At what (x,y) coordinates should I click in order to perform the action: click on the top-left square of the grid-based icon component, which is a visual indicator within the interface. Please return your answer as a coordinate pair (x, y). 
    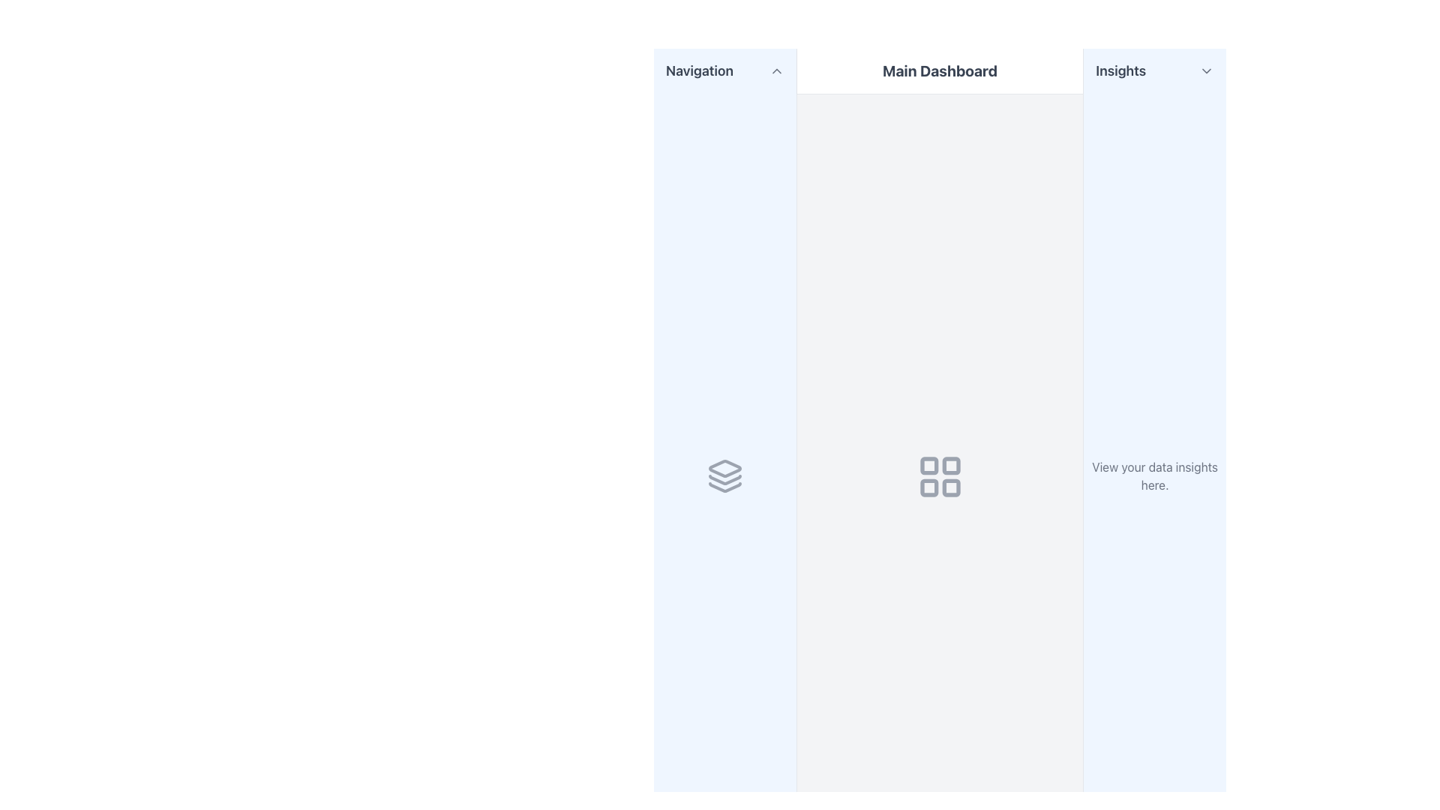
    Looking at the image, I should click on (928, 464).